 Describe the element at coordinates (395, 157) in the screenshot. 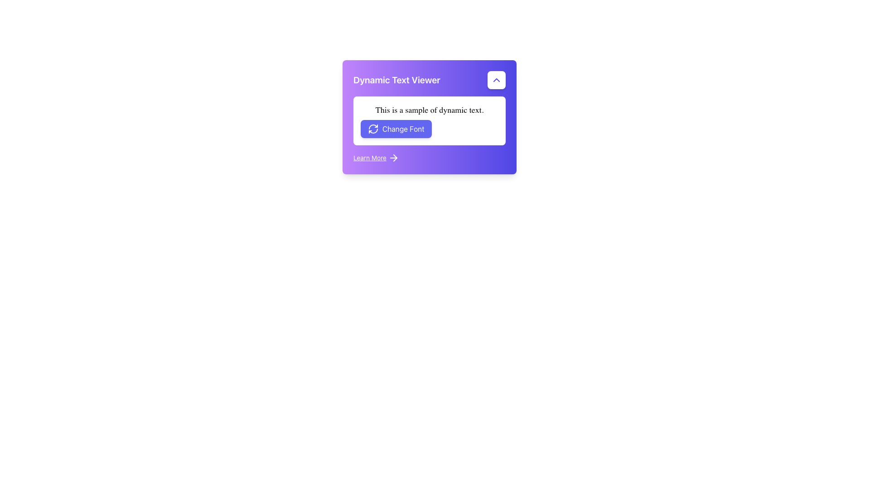

I see `the navigation arrow icon located in the lower part of the card` at that location.